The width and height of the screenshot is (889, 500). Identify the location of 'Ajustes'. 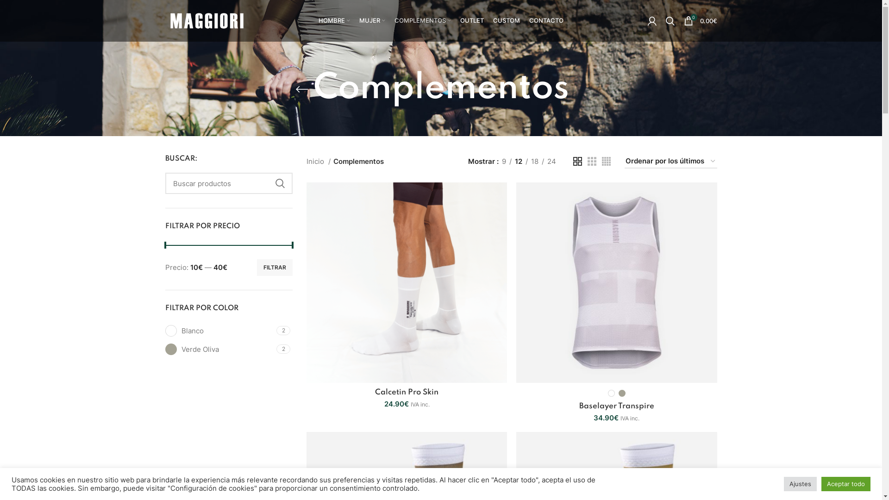
(800, 483).